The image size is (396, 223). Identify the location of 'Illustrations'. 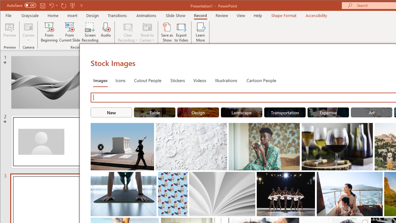
(226, 80).